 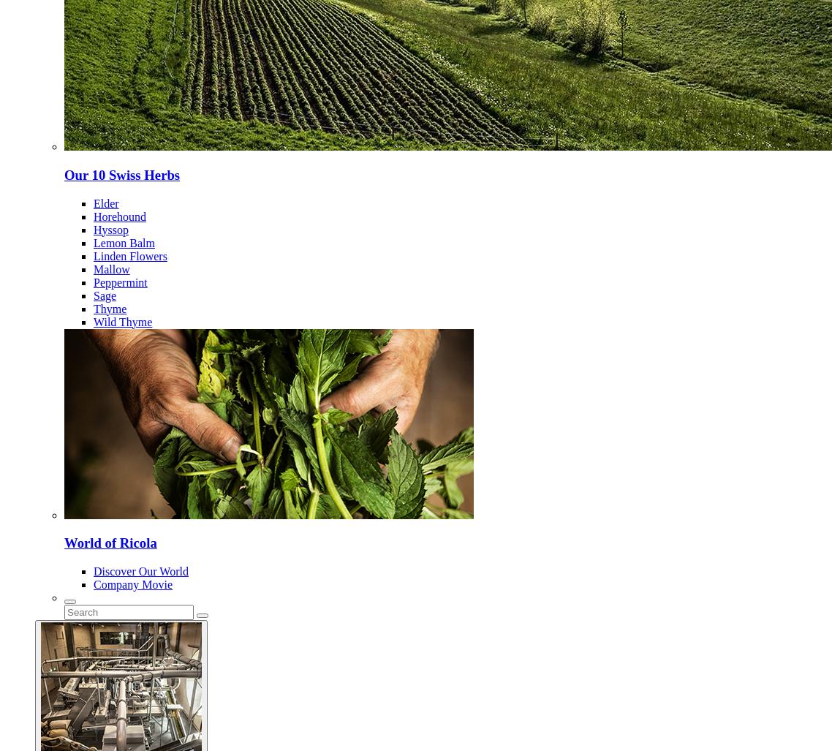 What do you see at coordinates (132, 584) in the screenshot?
I see `'Company Movie'` at bounding box center [132, 584].